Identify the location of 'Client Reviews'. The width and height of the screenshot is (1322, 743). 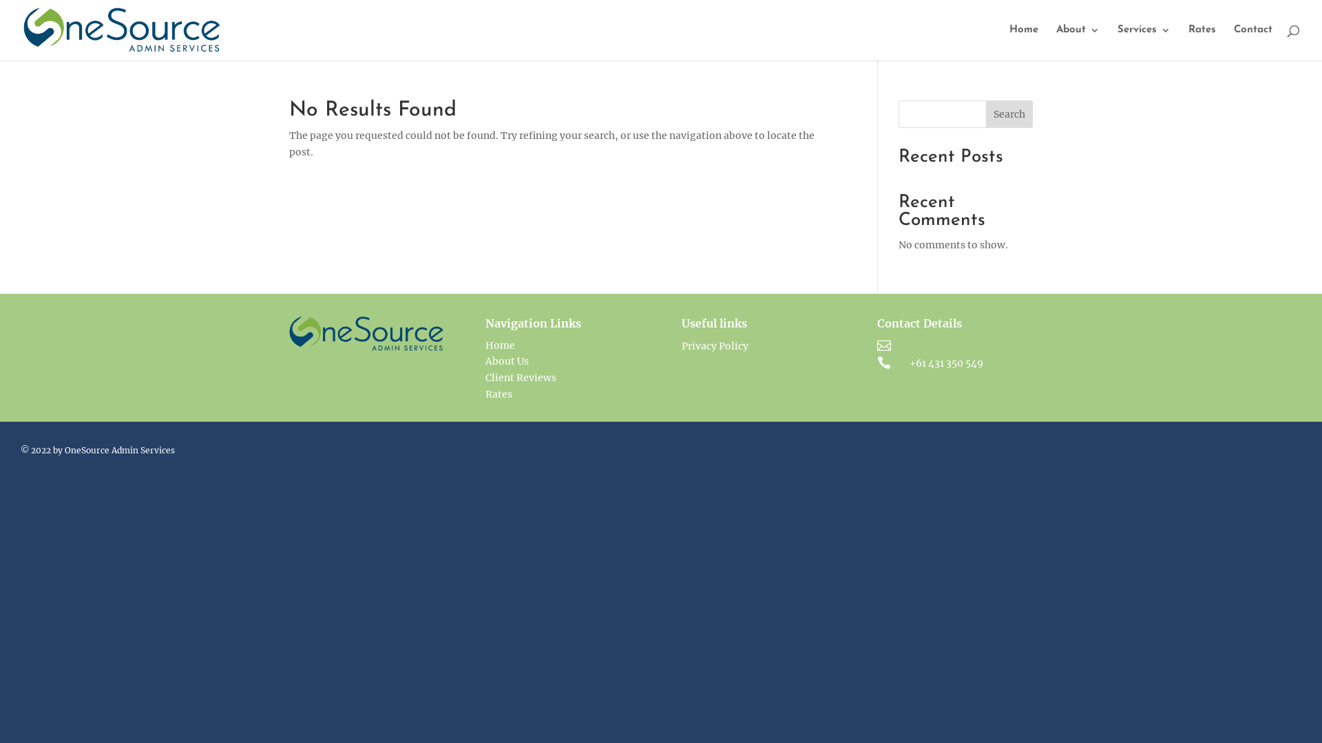
(520, 377).